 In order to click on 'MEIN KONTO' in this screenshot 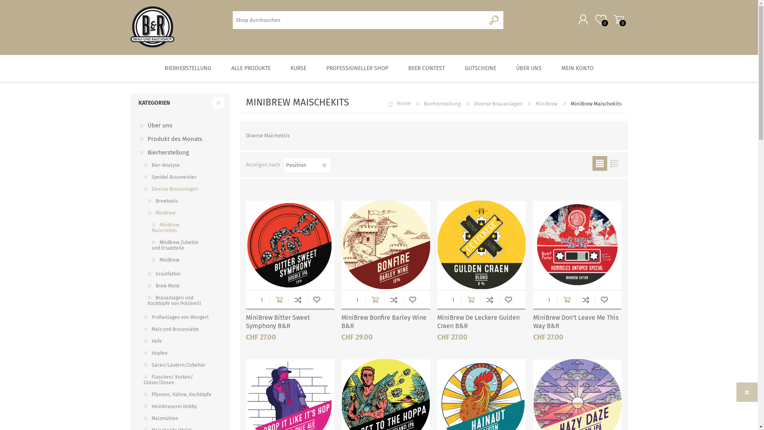, I will do `click(577, 68)`.